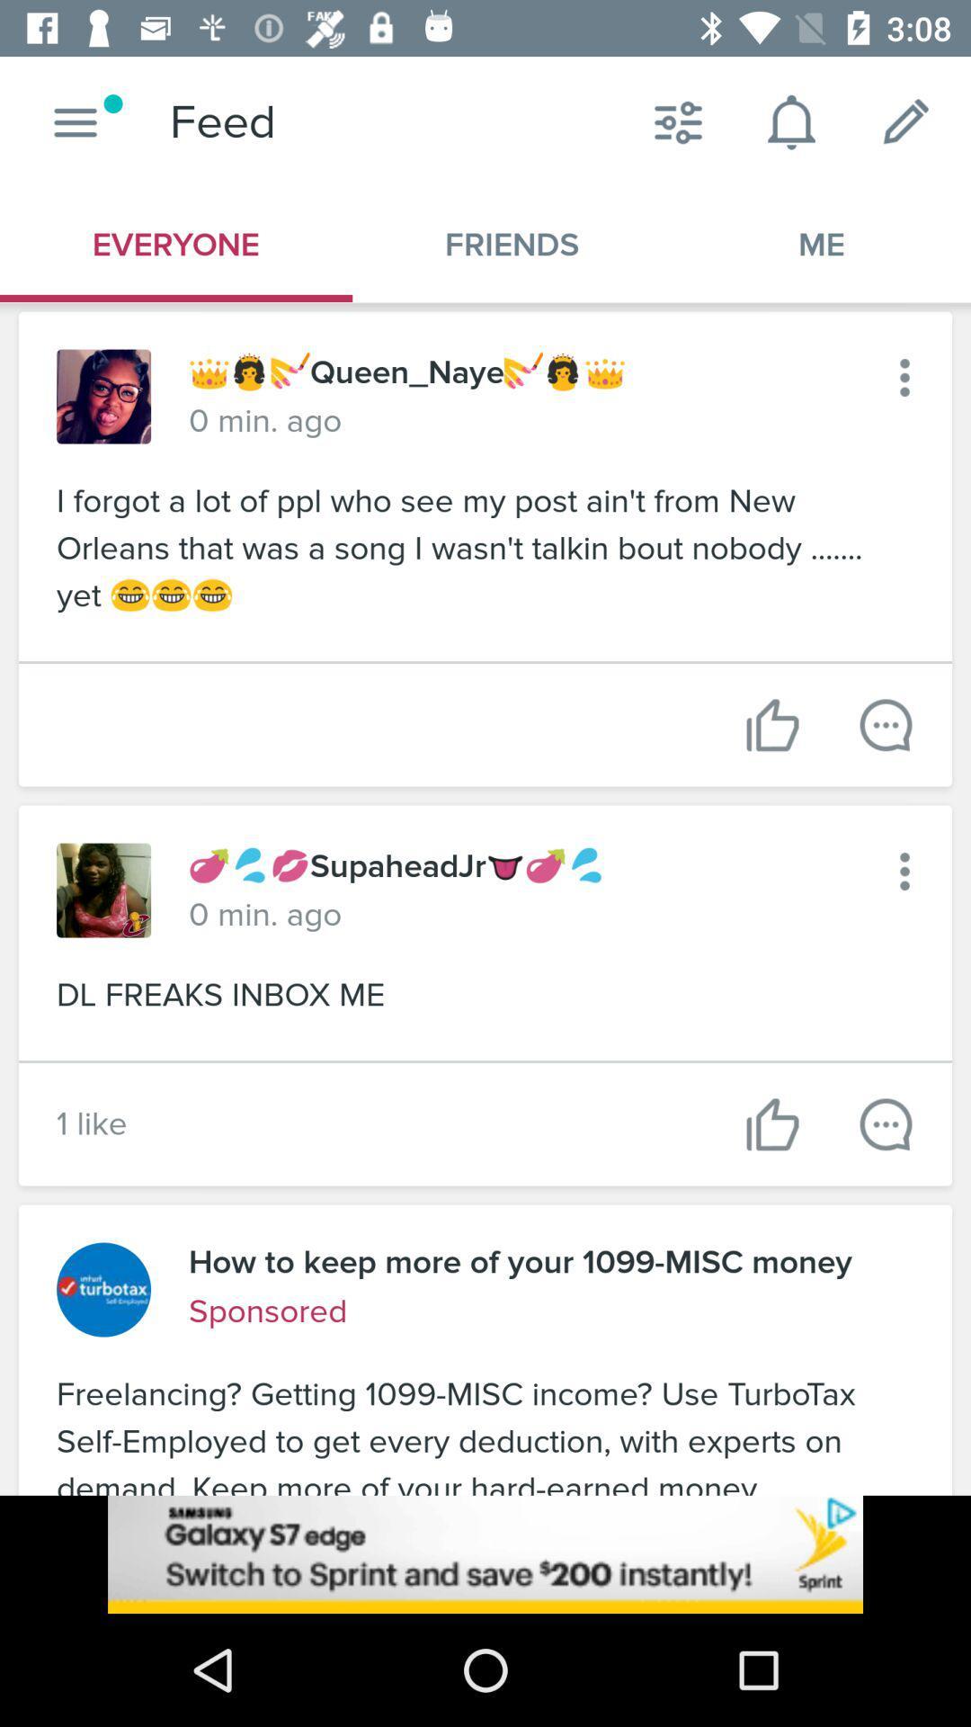 Image resolution: width=971 pixels, height=1727 pixels. Describe the element at coordinates (771, 1123) in the screenshot. I see `like` at that location.